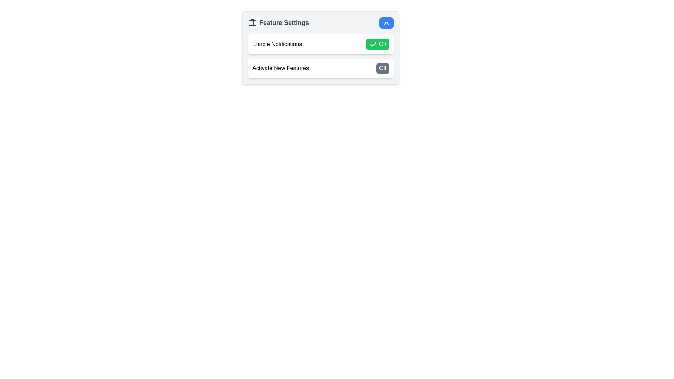 This screenshot has height=379, width=674. Describe the element at coordinates (280, 68) in the screenshot. I see `the text label that reads 'Activate New Features', which is positioned to the left of a toggle button labeled 'Off' in the 'Feature Settings' card` at that location.